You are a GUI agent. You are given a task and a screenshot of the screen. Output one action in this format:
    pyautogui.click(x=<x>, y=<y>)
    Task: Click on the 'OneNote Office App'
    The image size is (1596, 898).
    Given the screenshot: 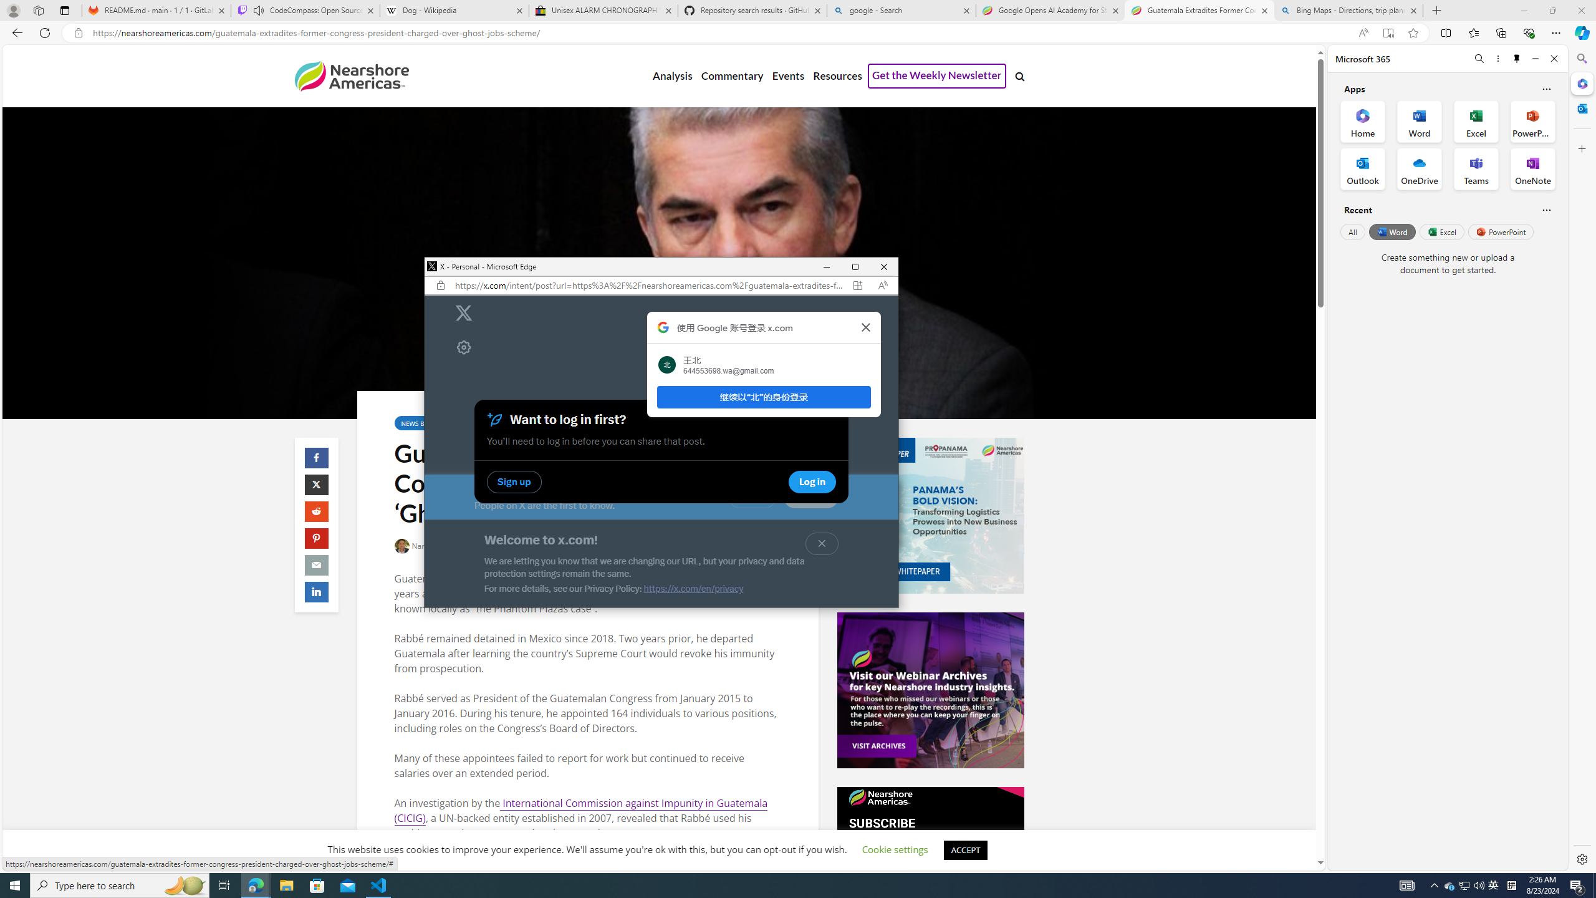 What is the action you would take?
    pyautogui.click(x=1532, y=169)
    